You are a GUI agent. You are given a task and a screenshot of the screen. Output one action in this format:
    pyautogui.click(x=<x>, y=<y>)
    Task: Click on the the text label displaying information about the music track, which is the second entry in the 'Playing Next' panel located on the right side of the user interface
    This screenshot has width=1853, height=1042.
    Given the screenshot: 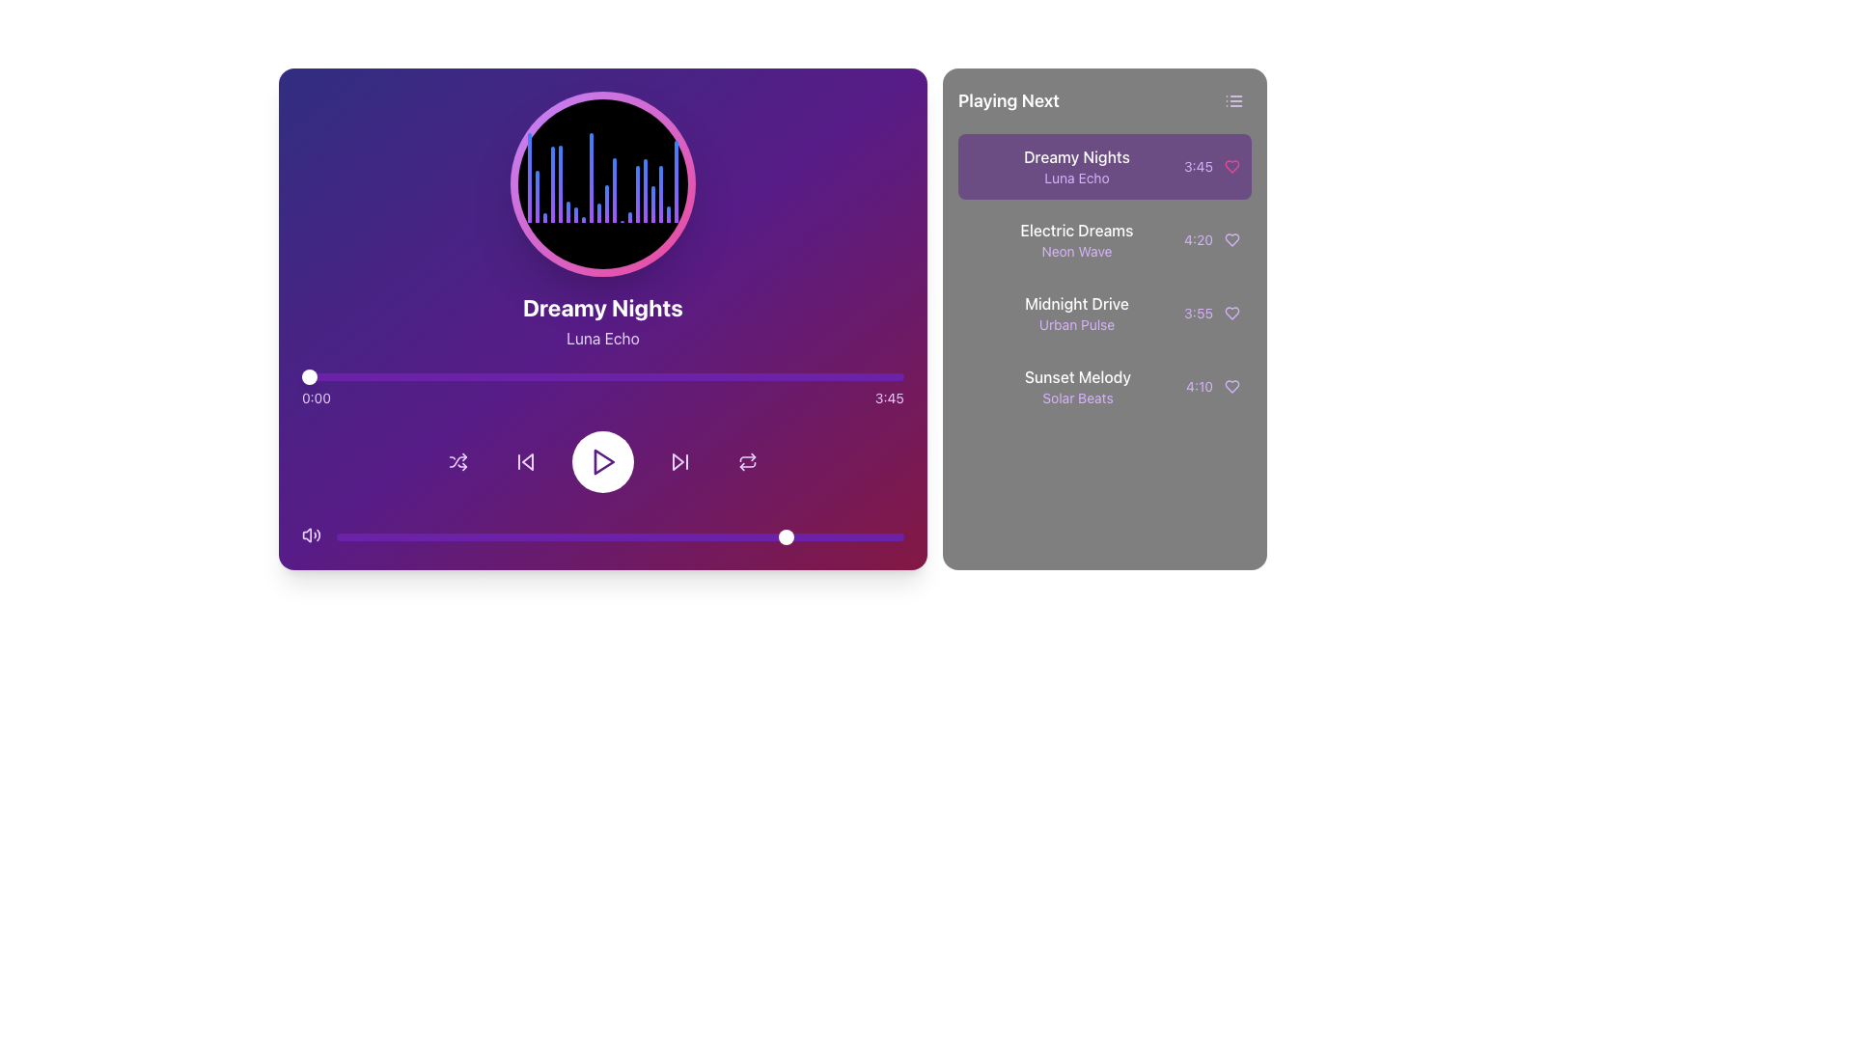 What is the action you would take?
    pyautogui.click(x=1076, y=312)
    